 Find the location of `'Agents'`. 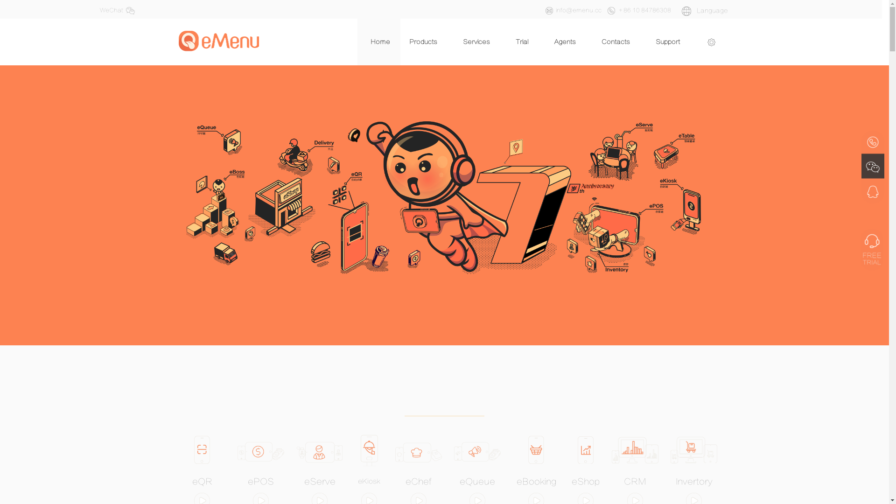

'Agents' is located at coordinates (564, 41).